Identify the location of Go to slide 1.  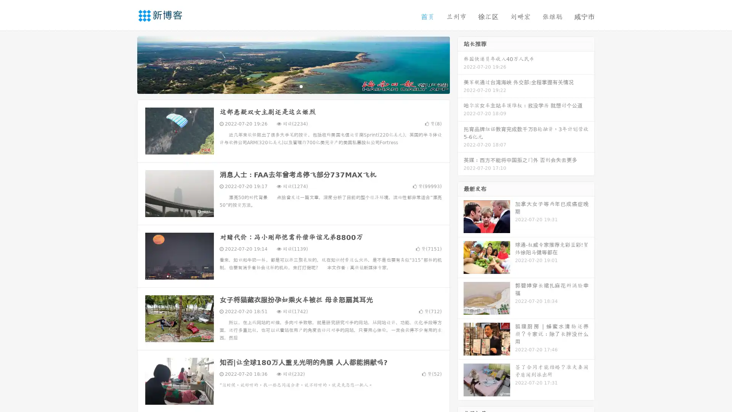
(285, 86).